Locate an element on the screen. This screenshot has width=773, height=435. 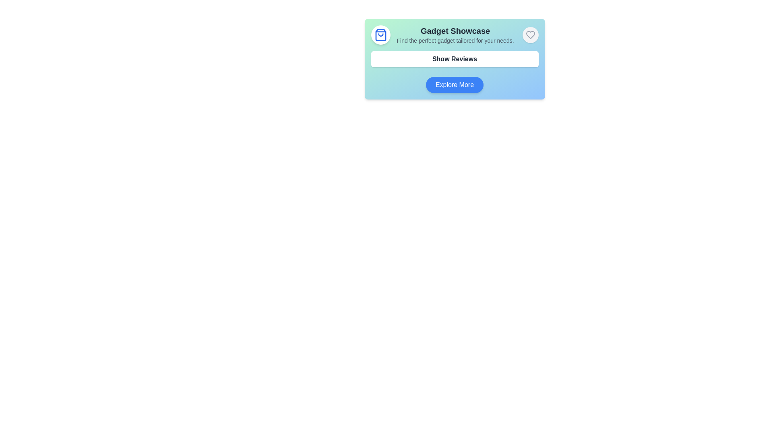
the 'Explore More' button is located at coordinates (455, 85).